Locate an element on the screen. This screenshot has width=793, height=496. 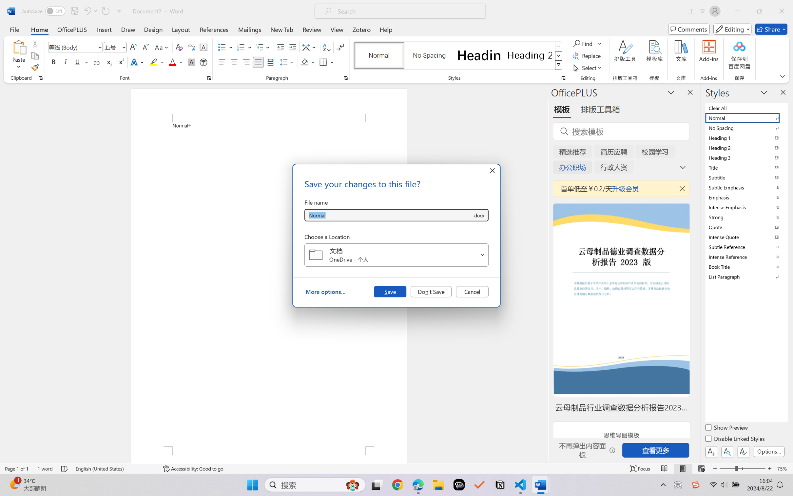
'Center' is located at coordinates (234, 62).